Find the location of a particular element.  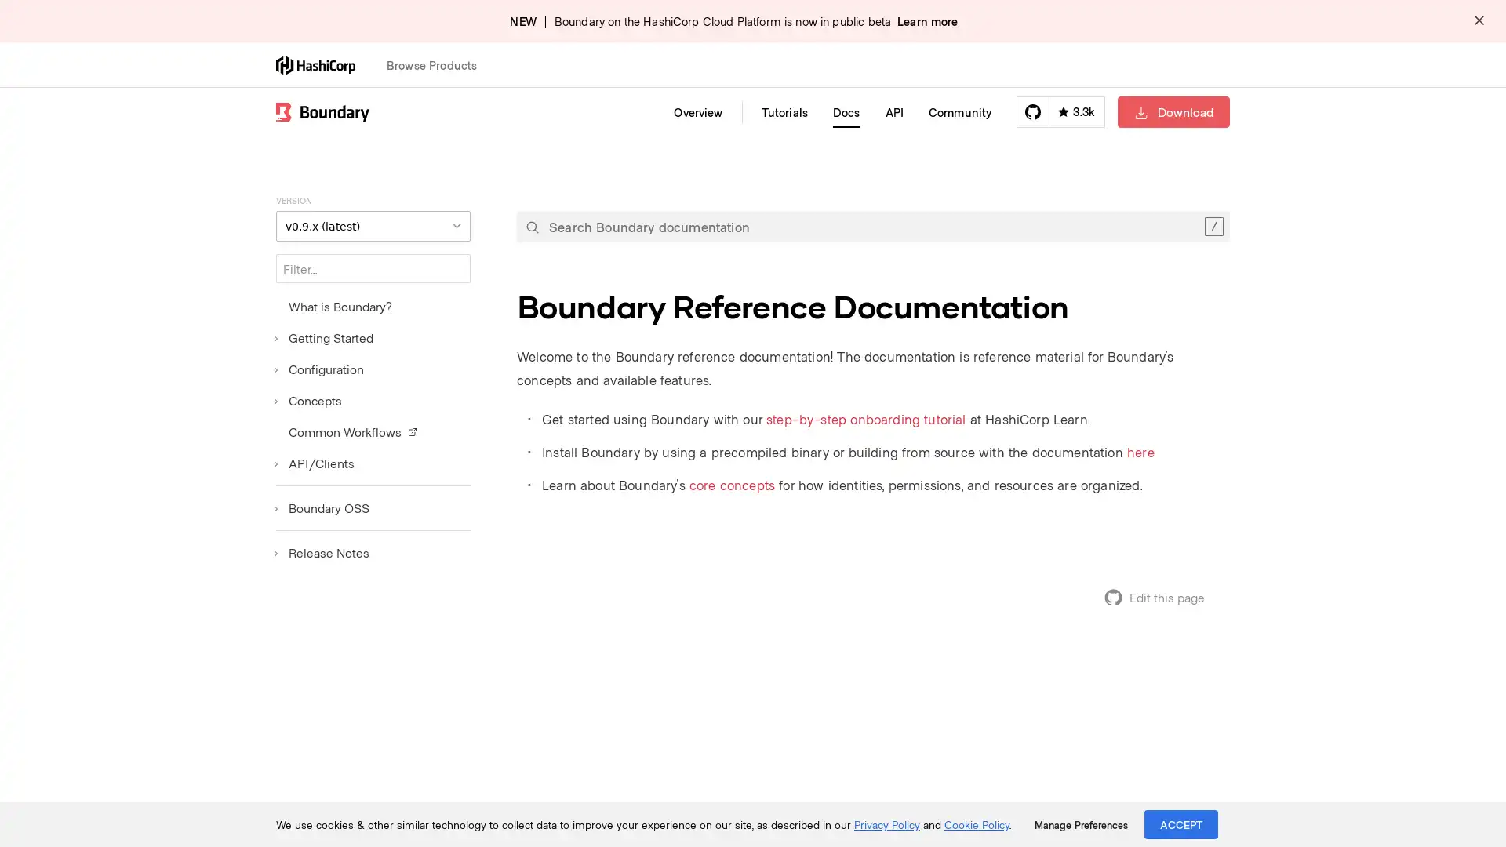

VERSION is located at coordinates (372, 226).